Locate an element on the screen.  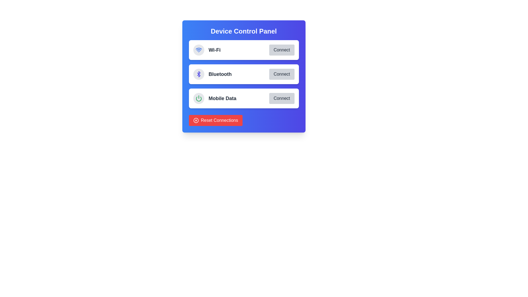
the Bluetooth icon in the Device Control Panel, located to the left of the 'Bluetooth' label and 'Connect' button is located at coordinates (198, 74).